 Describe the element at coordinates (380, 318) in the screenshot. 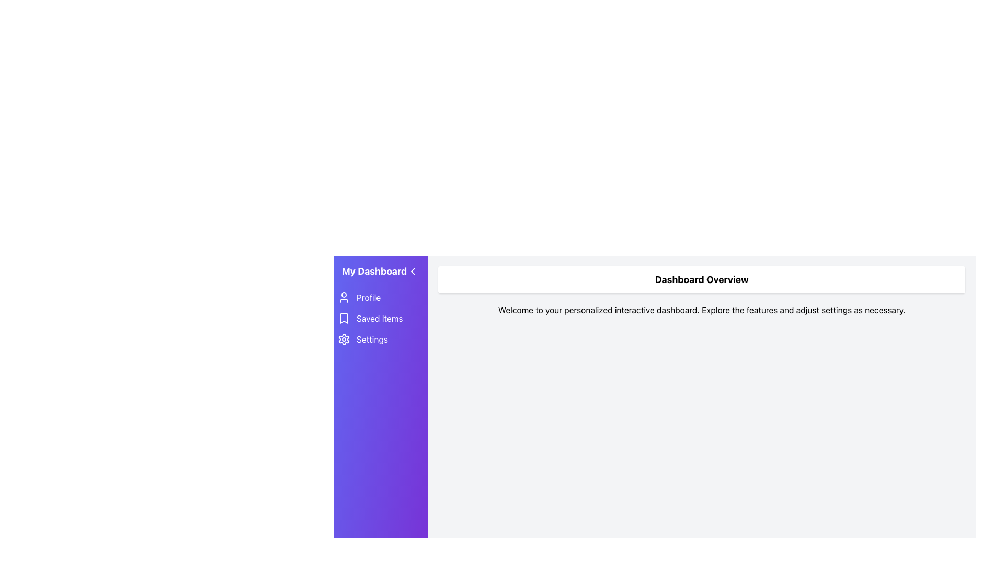

I see `the 'Saved Items' menu item, which is a text label with a bookmark icon, located in the sidebar below 'Profile' and above 'Settings'` at that location.